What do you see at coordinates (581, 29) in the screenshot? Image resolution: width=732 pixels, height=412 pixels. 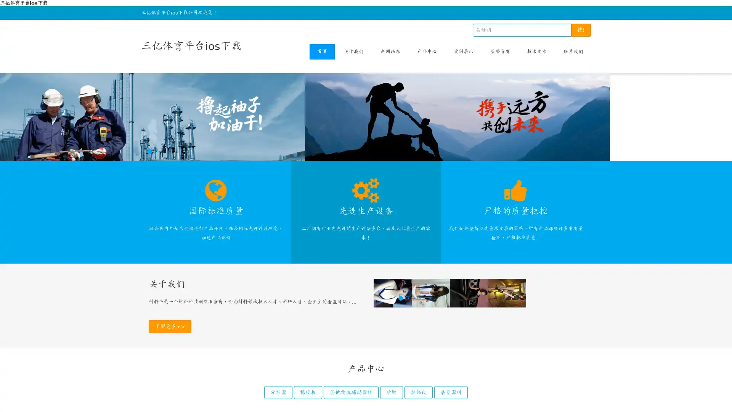 I see `!` at bounding box center [581, 29].